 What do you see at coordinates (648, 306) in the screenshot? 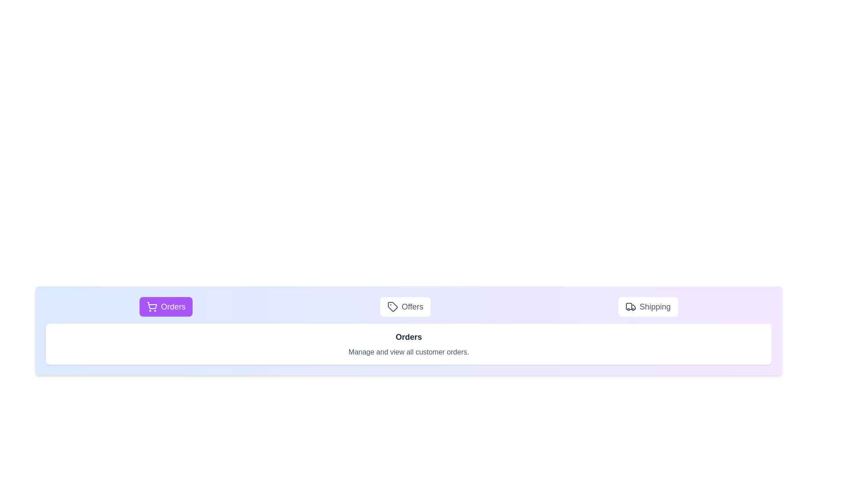
I see `the Shipping tab to display its content` at bounding box center [648, 306].